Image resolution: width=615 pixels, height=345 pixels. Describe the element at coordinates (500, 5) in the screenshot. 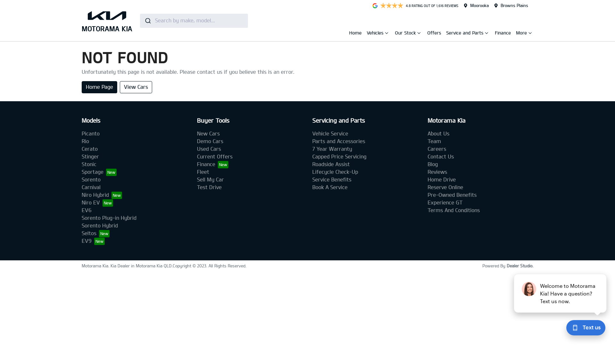

I see `'Browns Plains'` at that location.